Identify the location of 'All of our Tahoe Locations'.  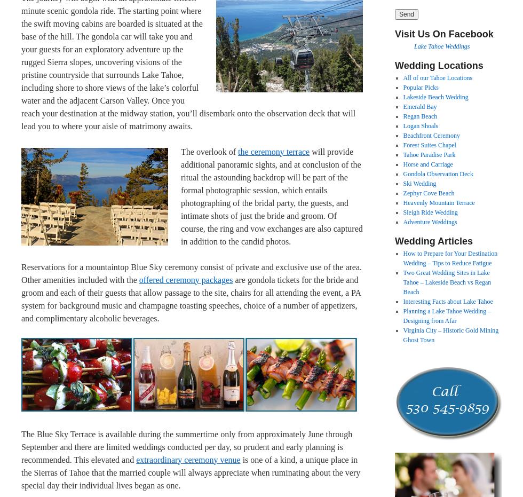
(402, 76).